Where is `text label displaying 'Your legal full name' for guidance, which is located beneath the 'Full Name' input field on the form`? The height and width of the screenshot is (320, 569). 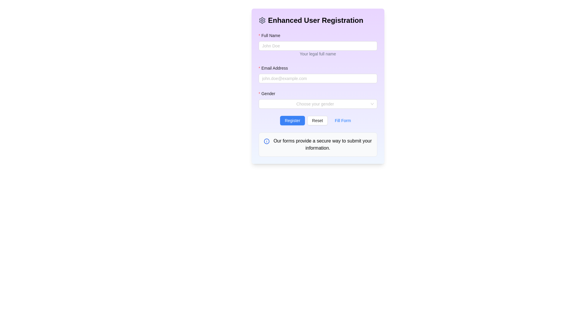 text label displaying 'Your legal full name' for guidance, which is located beneath the 'Full Name' input field on the form is located at coordinates (317, 54).